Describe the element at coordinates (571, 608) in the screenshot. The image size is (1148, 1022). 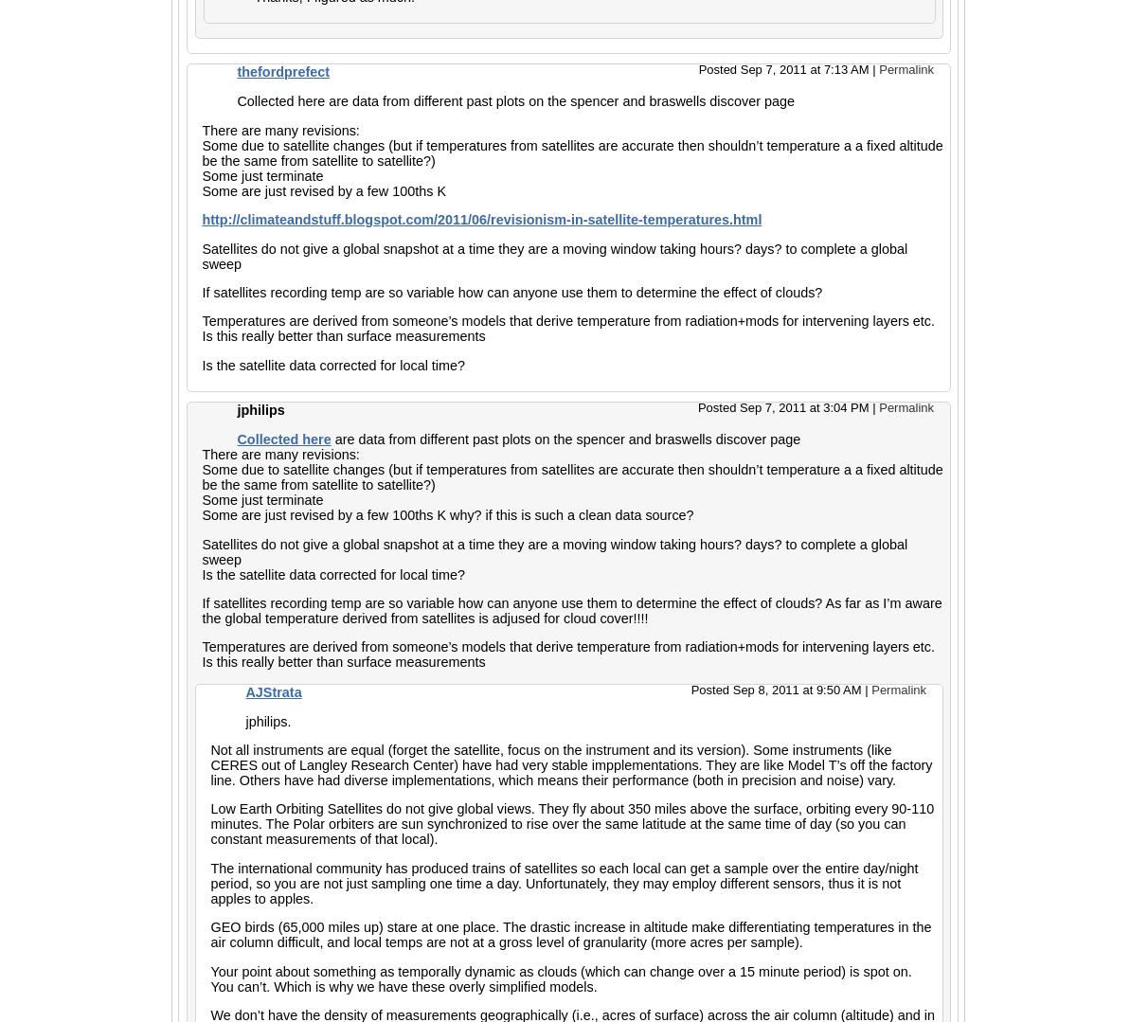
I see `'If satellites recording temp are so variable how can anyone use them to determine the effect of clouds? As far as I’m aware the global temperature derived from satellites is adjused for cloud cover!!!!'` at that location.